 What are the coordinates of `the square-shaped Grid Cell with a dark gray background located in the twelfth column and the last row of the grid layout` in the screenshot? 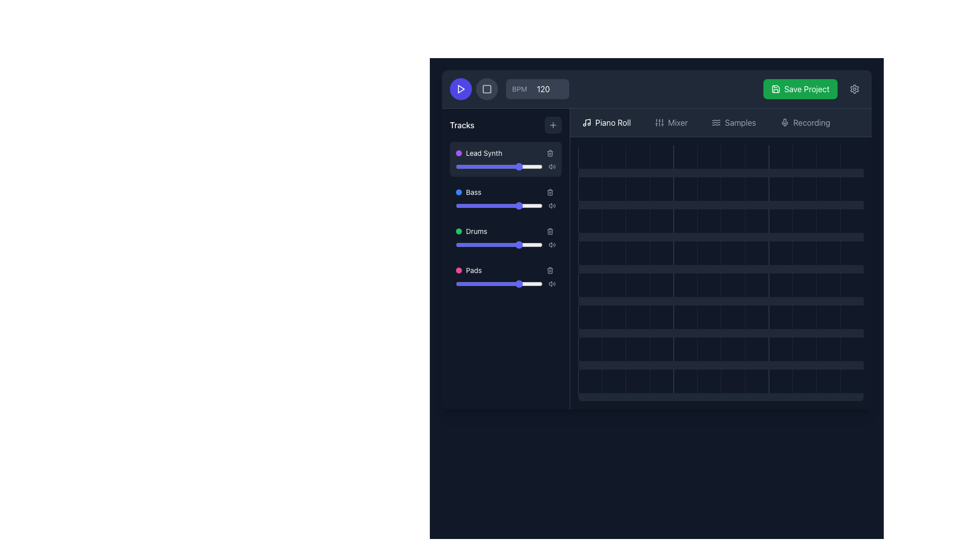 It's located at (708, 381).